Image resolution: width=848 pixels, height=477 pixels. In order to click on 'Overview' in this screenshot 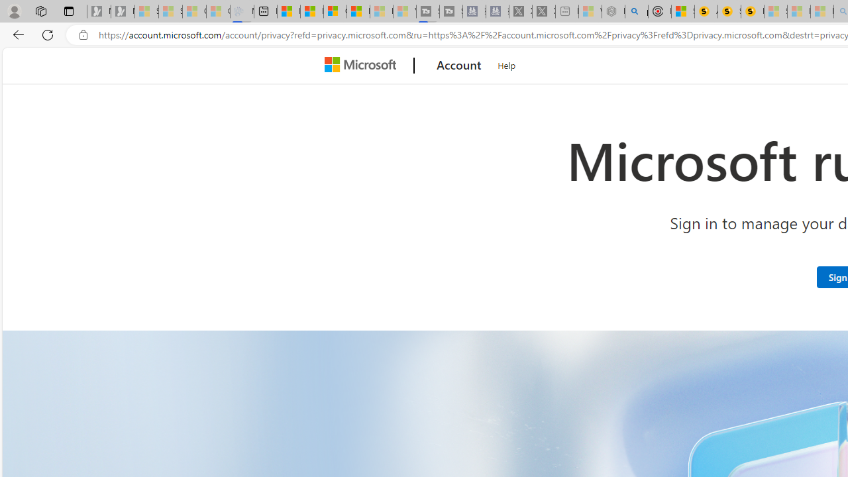, I will do `click(335, 11)`.